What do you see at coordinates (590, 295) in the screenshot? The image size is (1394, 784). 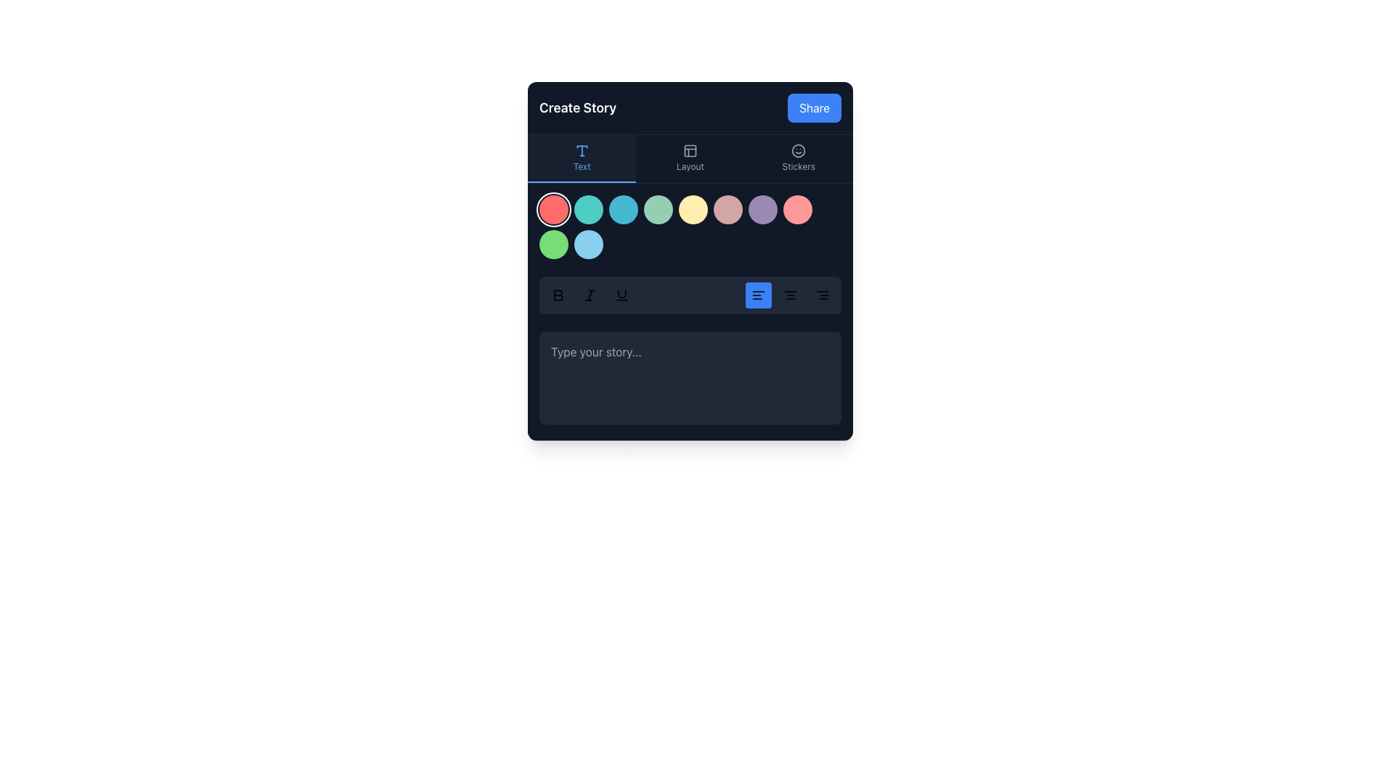 I see `the italicized 'I' button located in the formatting toolbar between the bold 'B' and underline 'U' icons` at bounding box center [590, 295].